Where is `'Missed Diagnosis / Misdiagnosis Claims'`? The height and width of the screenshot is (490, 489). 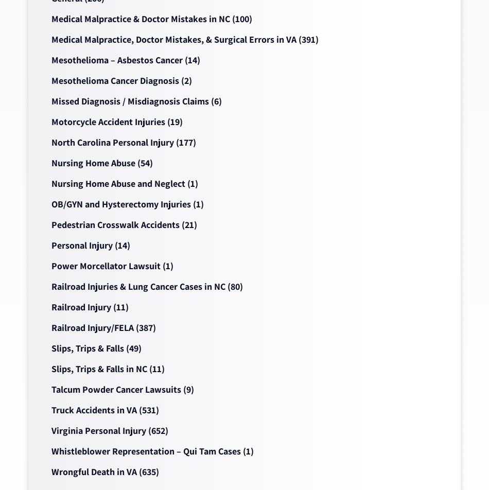 'Missed Diagnosis / Misdiagnosis Claims' is located at coordinates (51, 101).